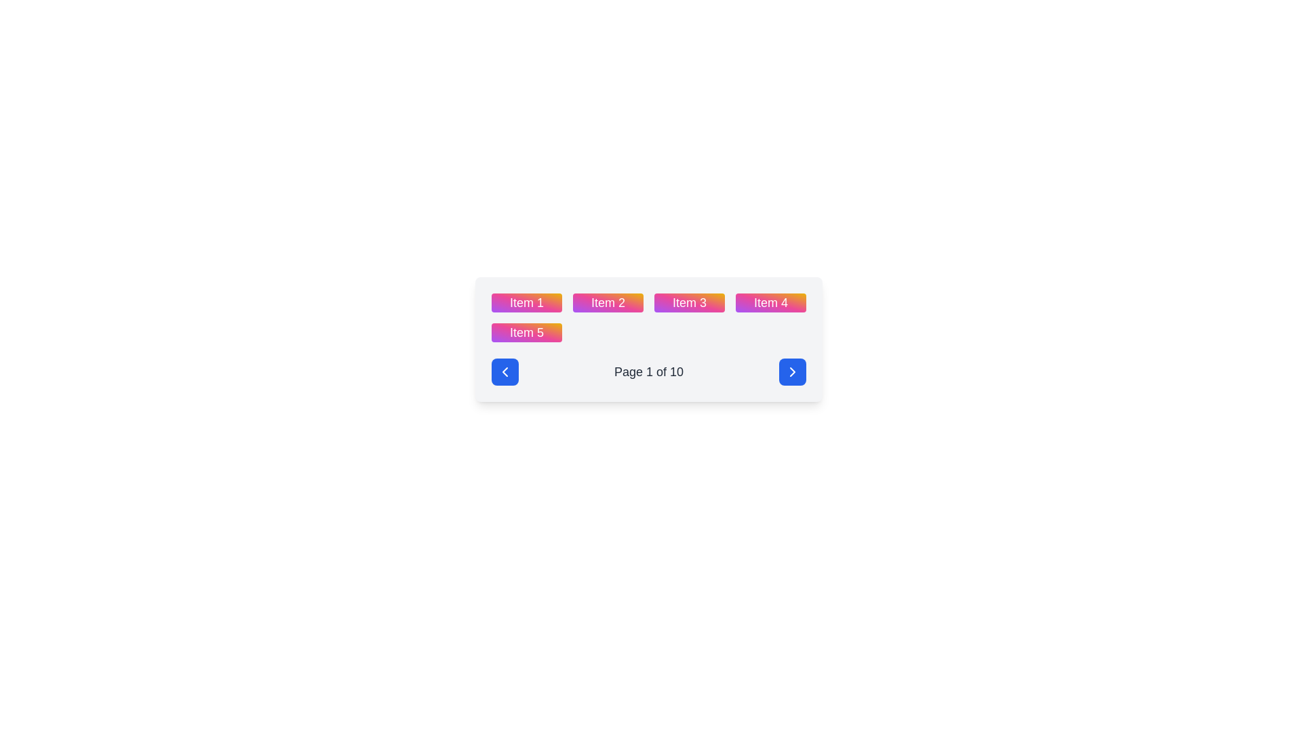  I want to click on text label displaying 'Page 1 of 10' located at the bottom center of the pagination interface, so click(648, 371).